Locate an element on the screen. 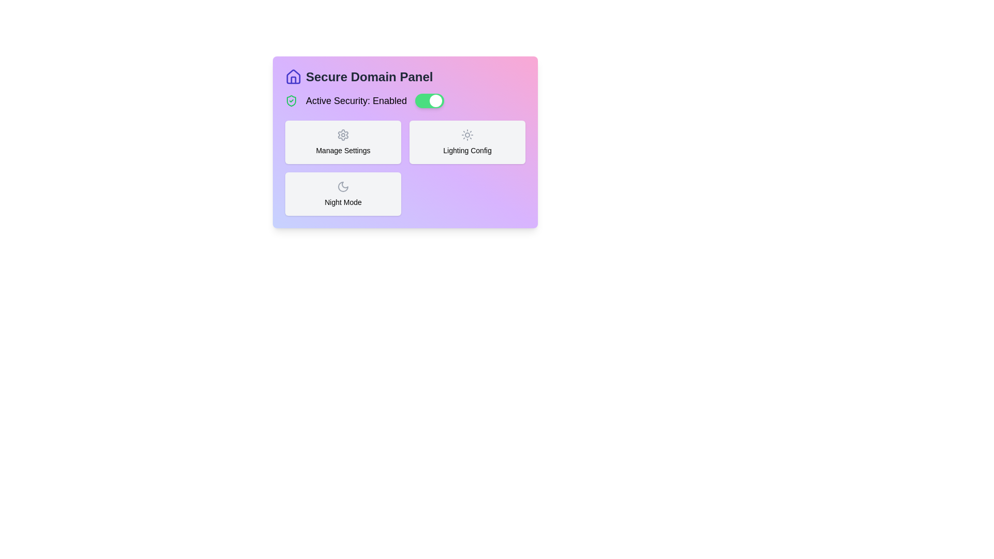 The width and height of the screenshot is (994, 559). the crescent moon icon within the 'Night Mode' button located in the bottom-left quadrant of the primary control panel interface is located at coordinates (343, 187).